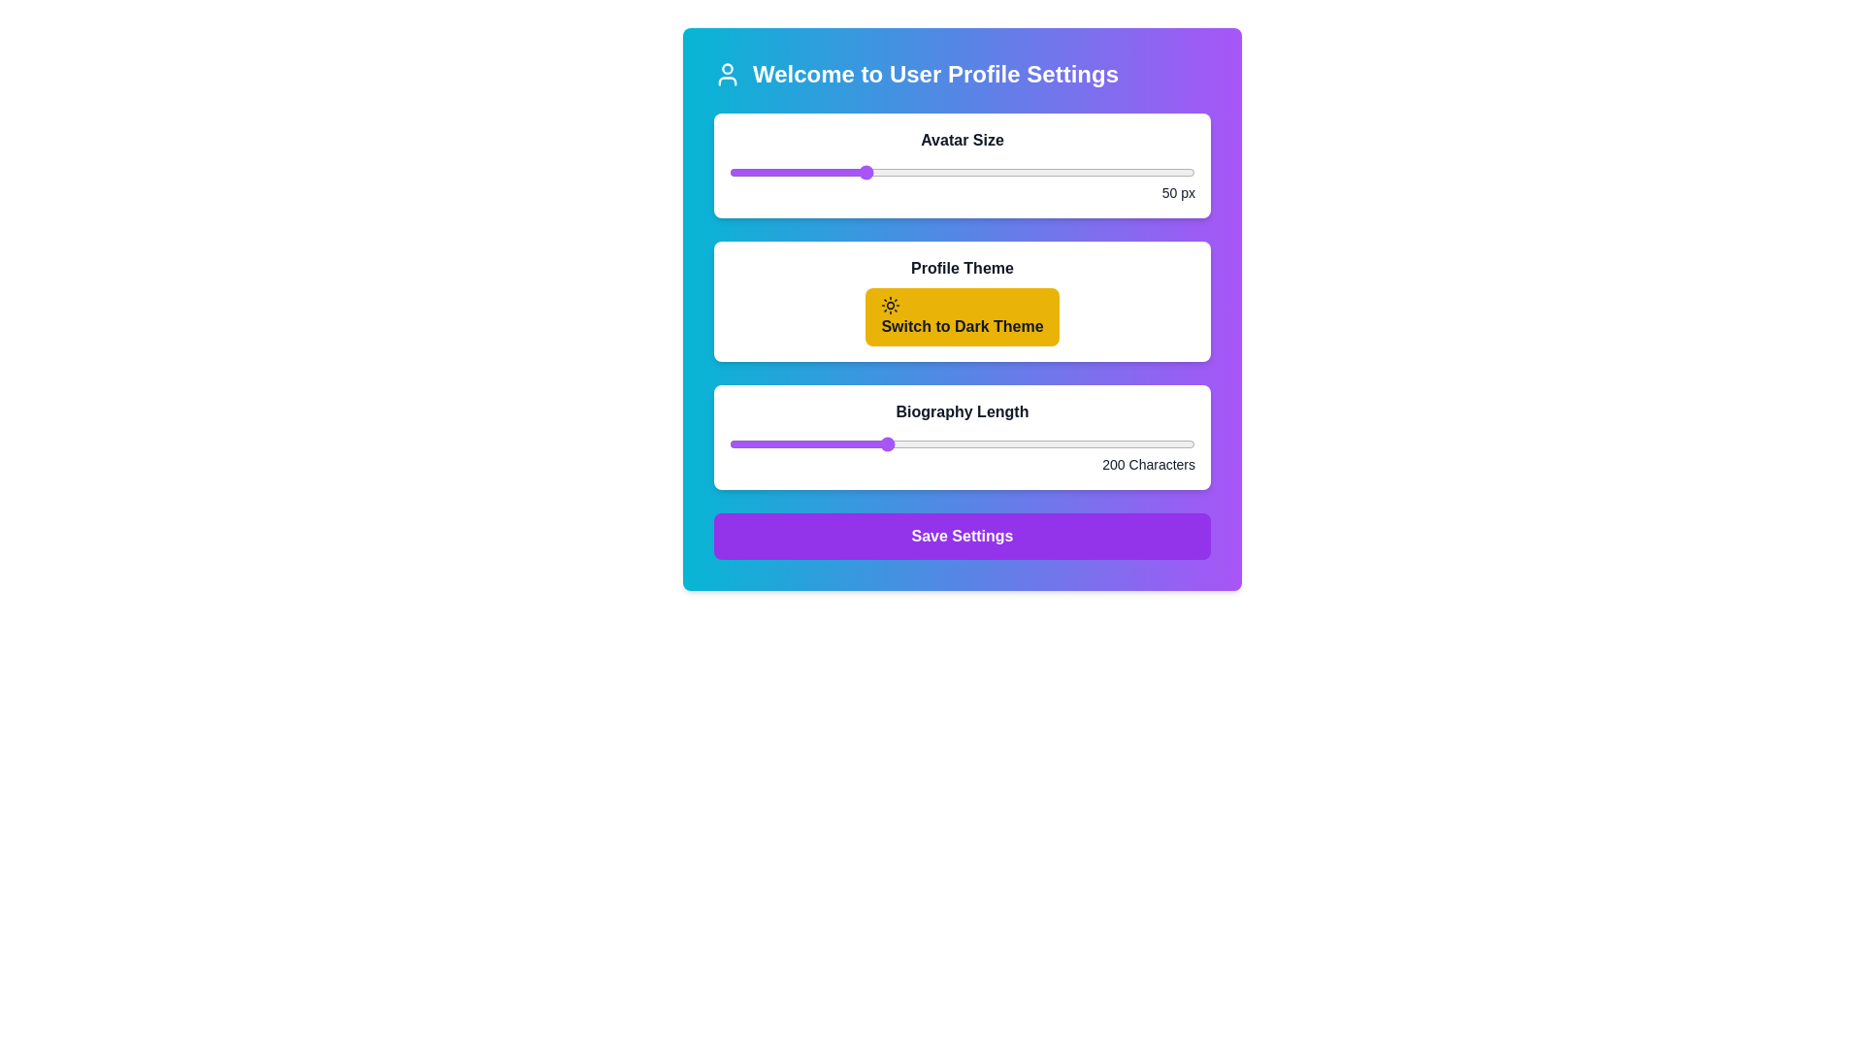 Image resolution: width=1863 pixels, height=1048 pixels. Describe the element at coordinates (826, 444) in the screenshot. I see `the biography length` at that location.